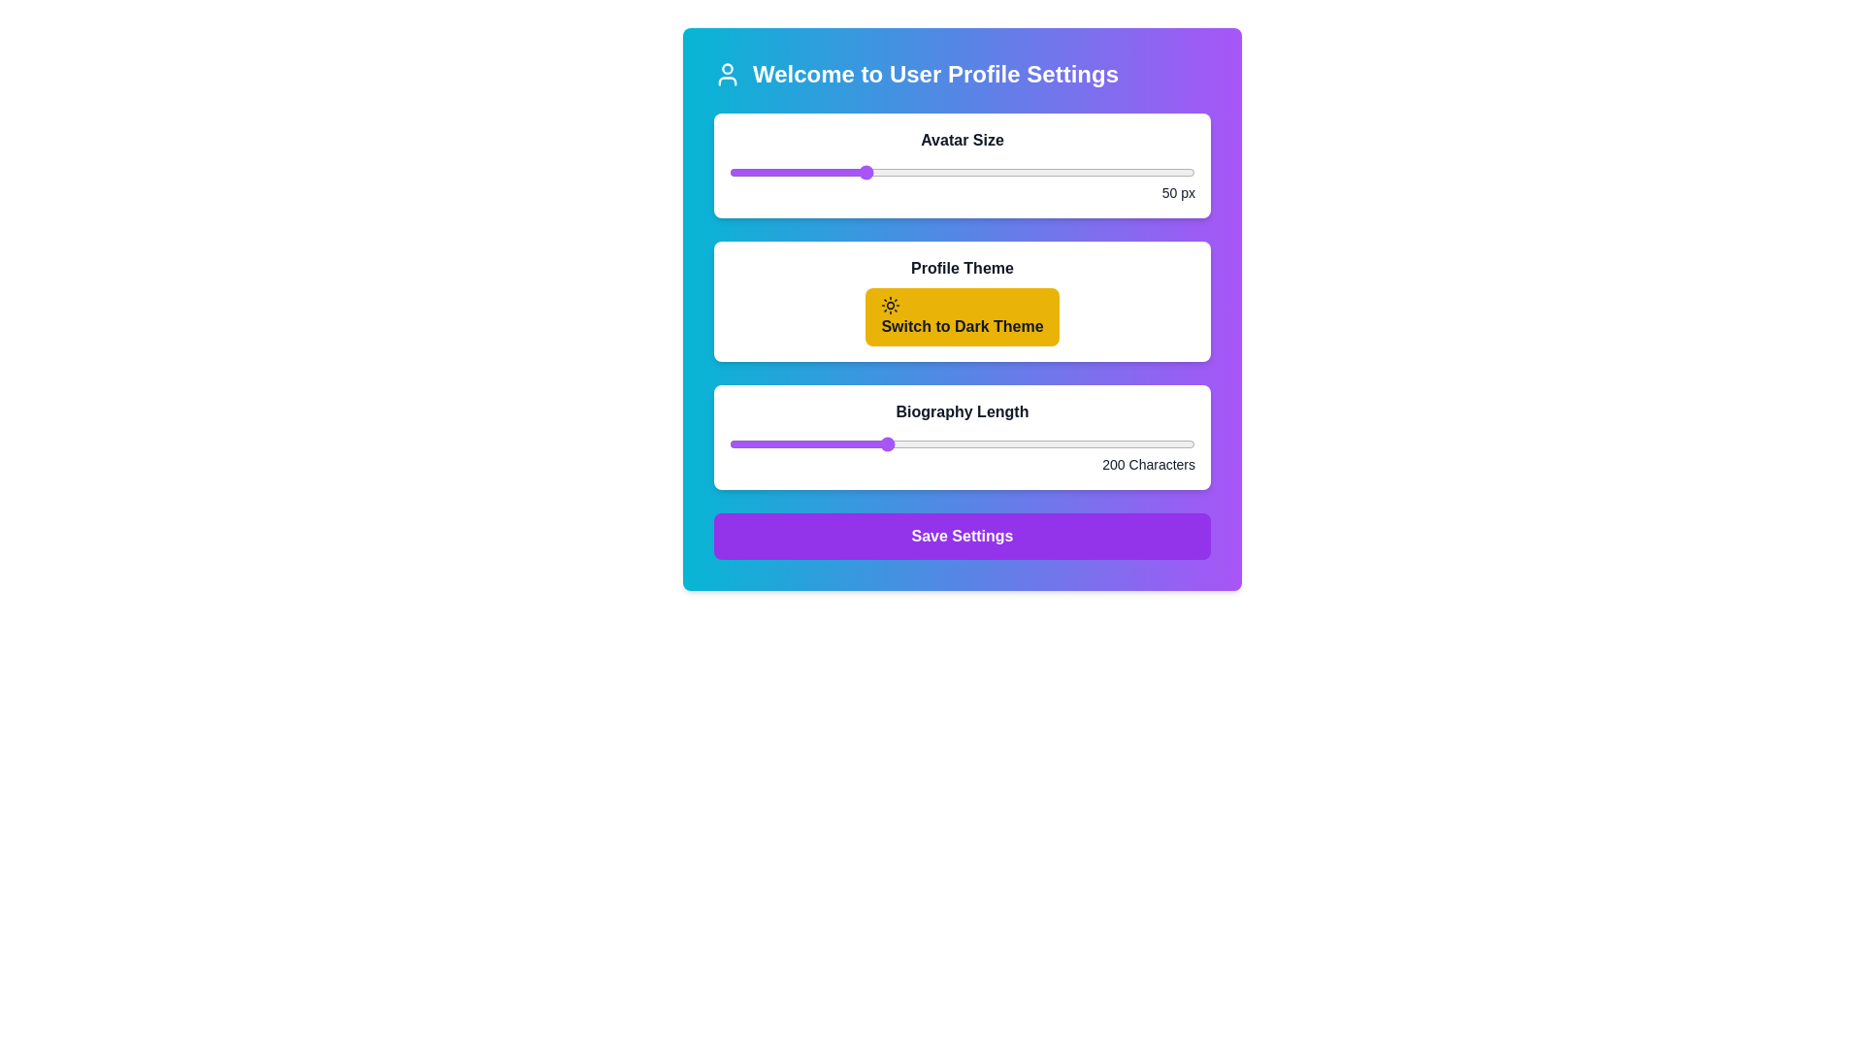 Image resolution: width=1863 pixels, height=1048 pixels. Describe the element at coordinates (826, 444) in the screenshot. I see `the biography length` at that location.